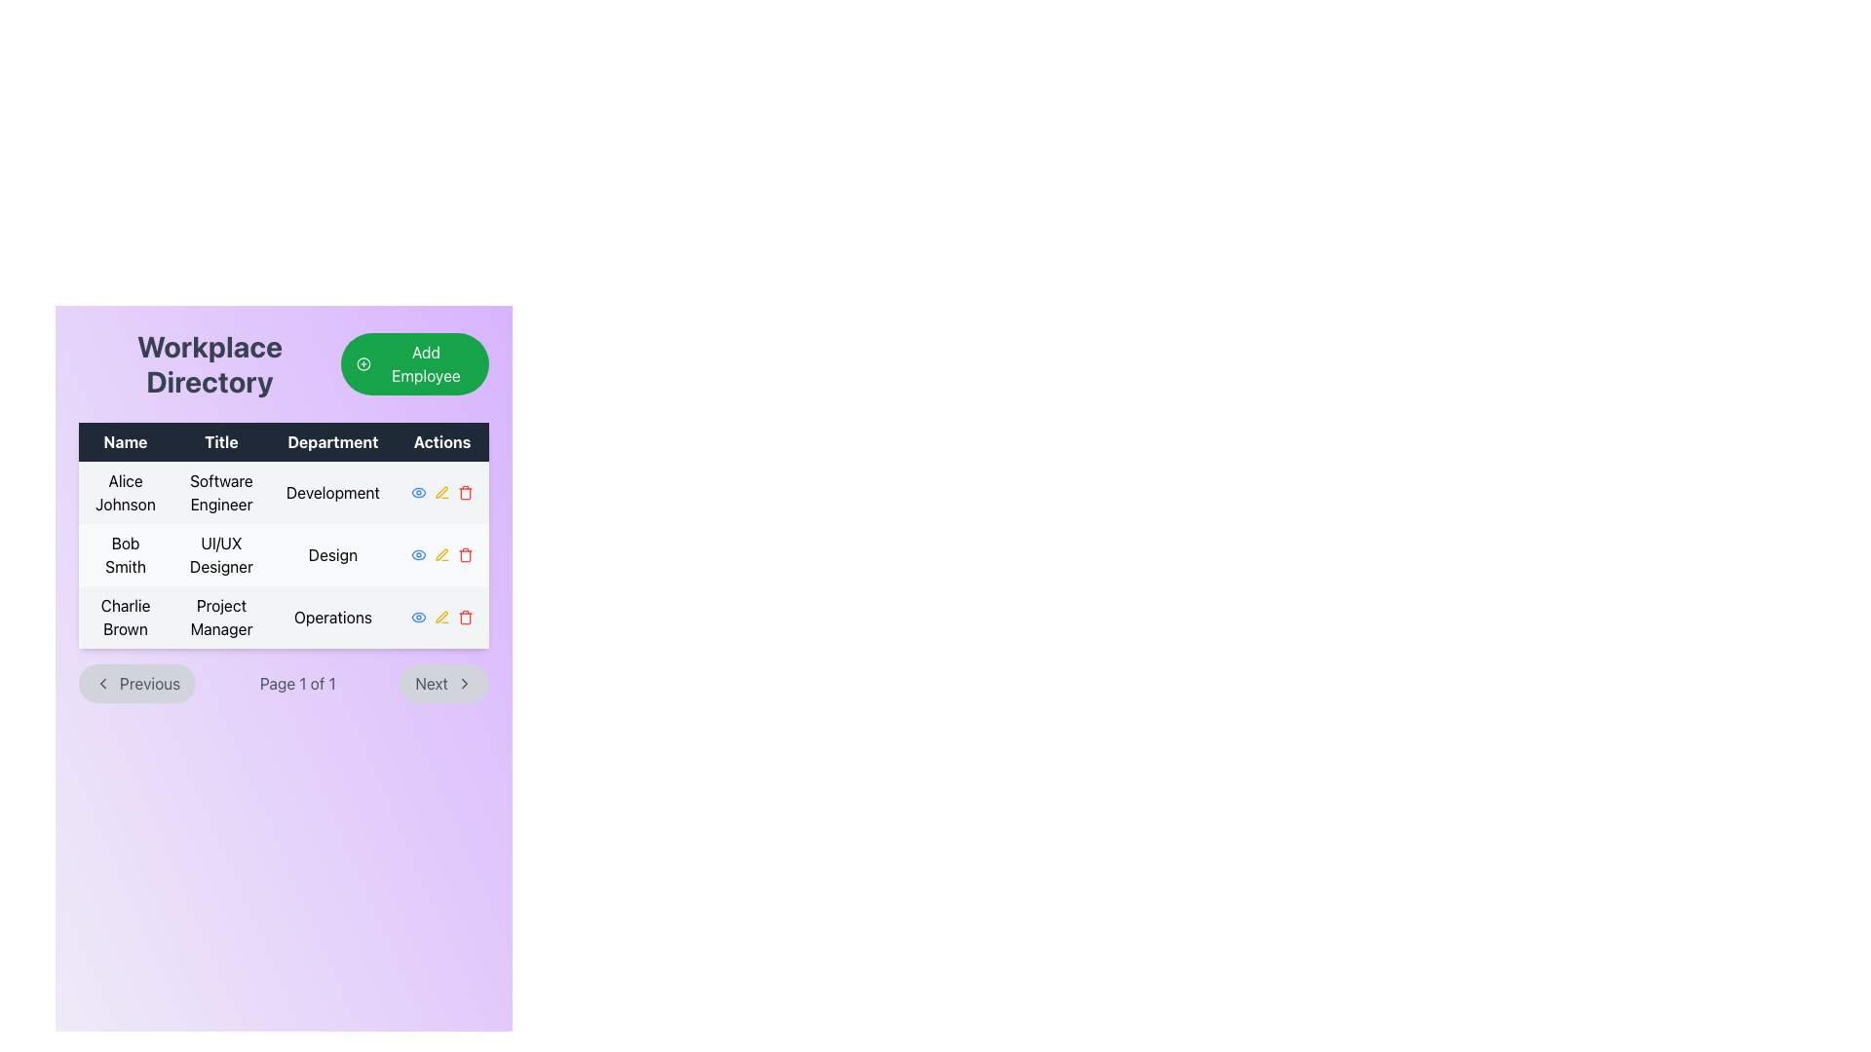 Image resolution: width=1871 pixels, height=1052 pixels. Describe the element at coordinates (221, 617) in the screenshot. I see `the text label displaying the job title of 'Charlie Brown' in the third row under the 'Title' column of the table` at that location.